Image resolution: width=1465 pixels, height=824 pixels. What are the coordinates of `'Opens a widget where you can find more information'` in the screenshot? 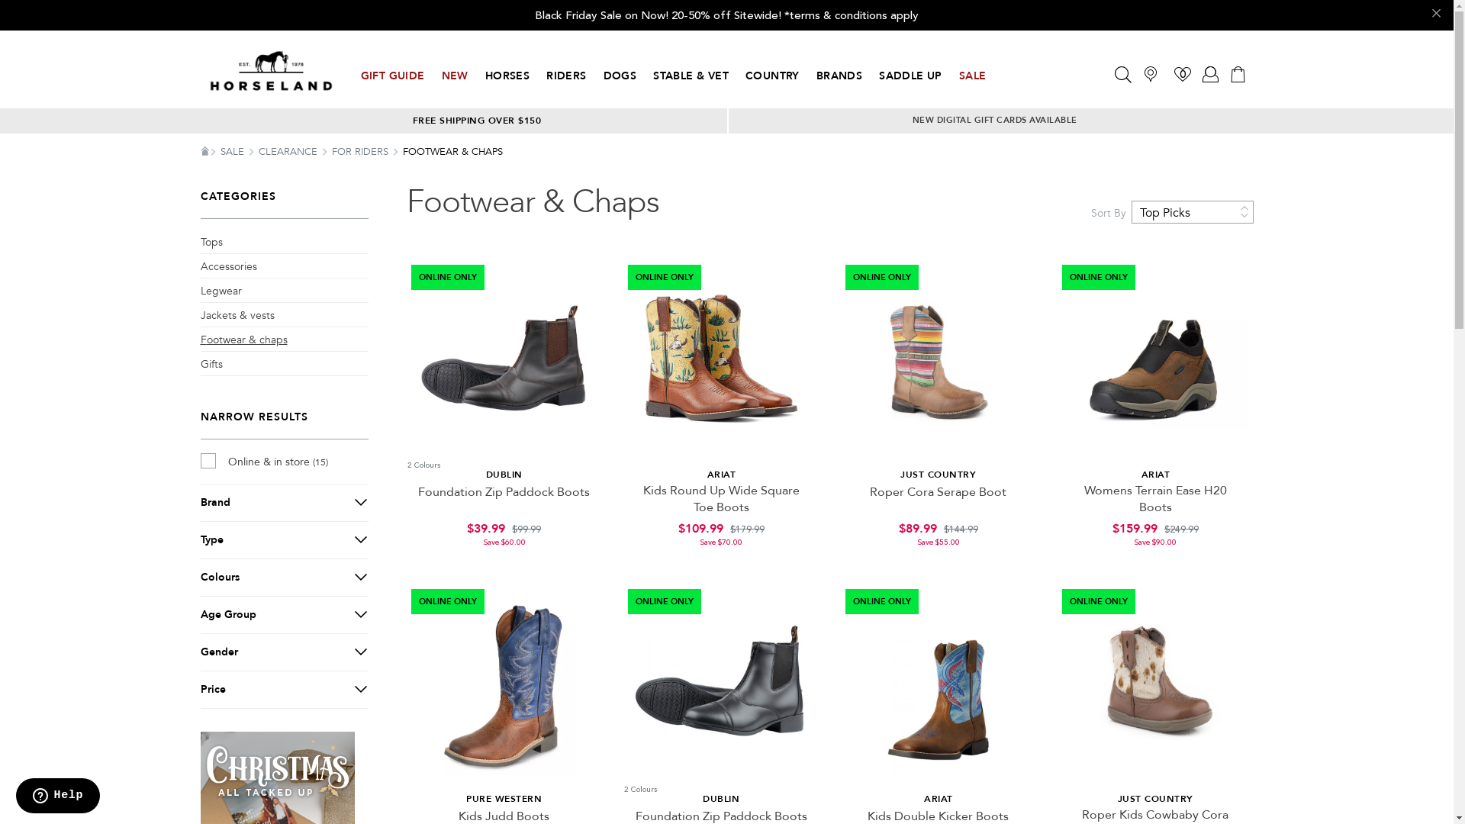 It's located at (57, 797).